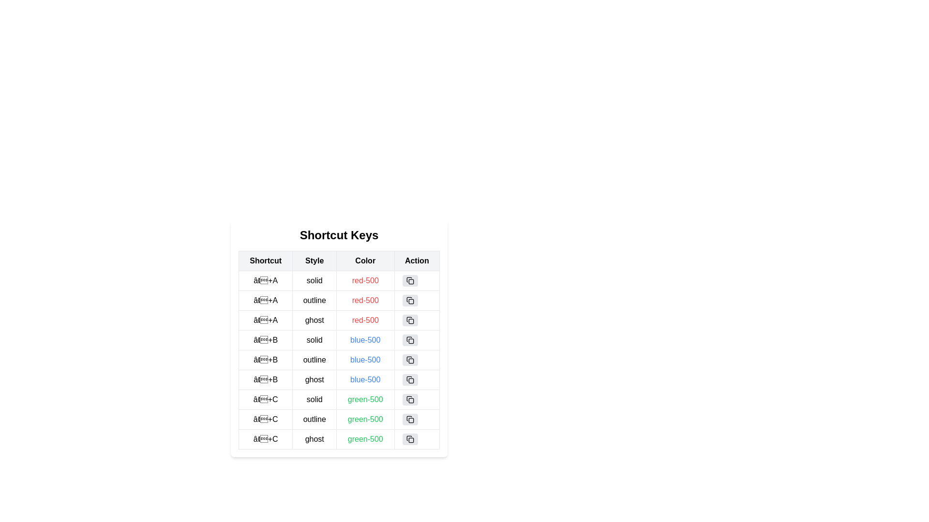  Describe the element at coordinates (266, 340) in the screenshot. I see `the text label representing the shortcut command '⌘+B' located in the fourth row of the table under the 'Shortcut' column, styled as 'solid' and colored 'blue-500'` at that location.